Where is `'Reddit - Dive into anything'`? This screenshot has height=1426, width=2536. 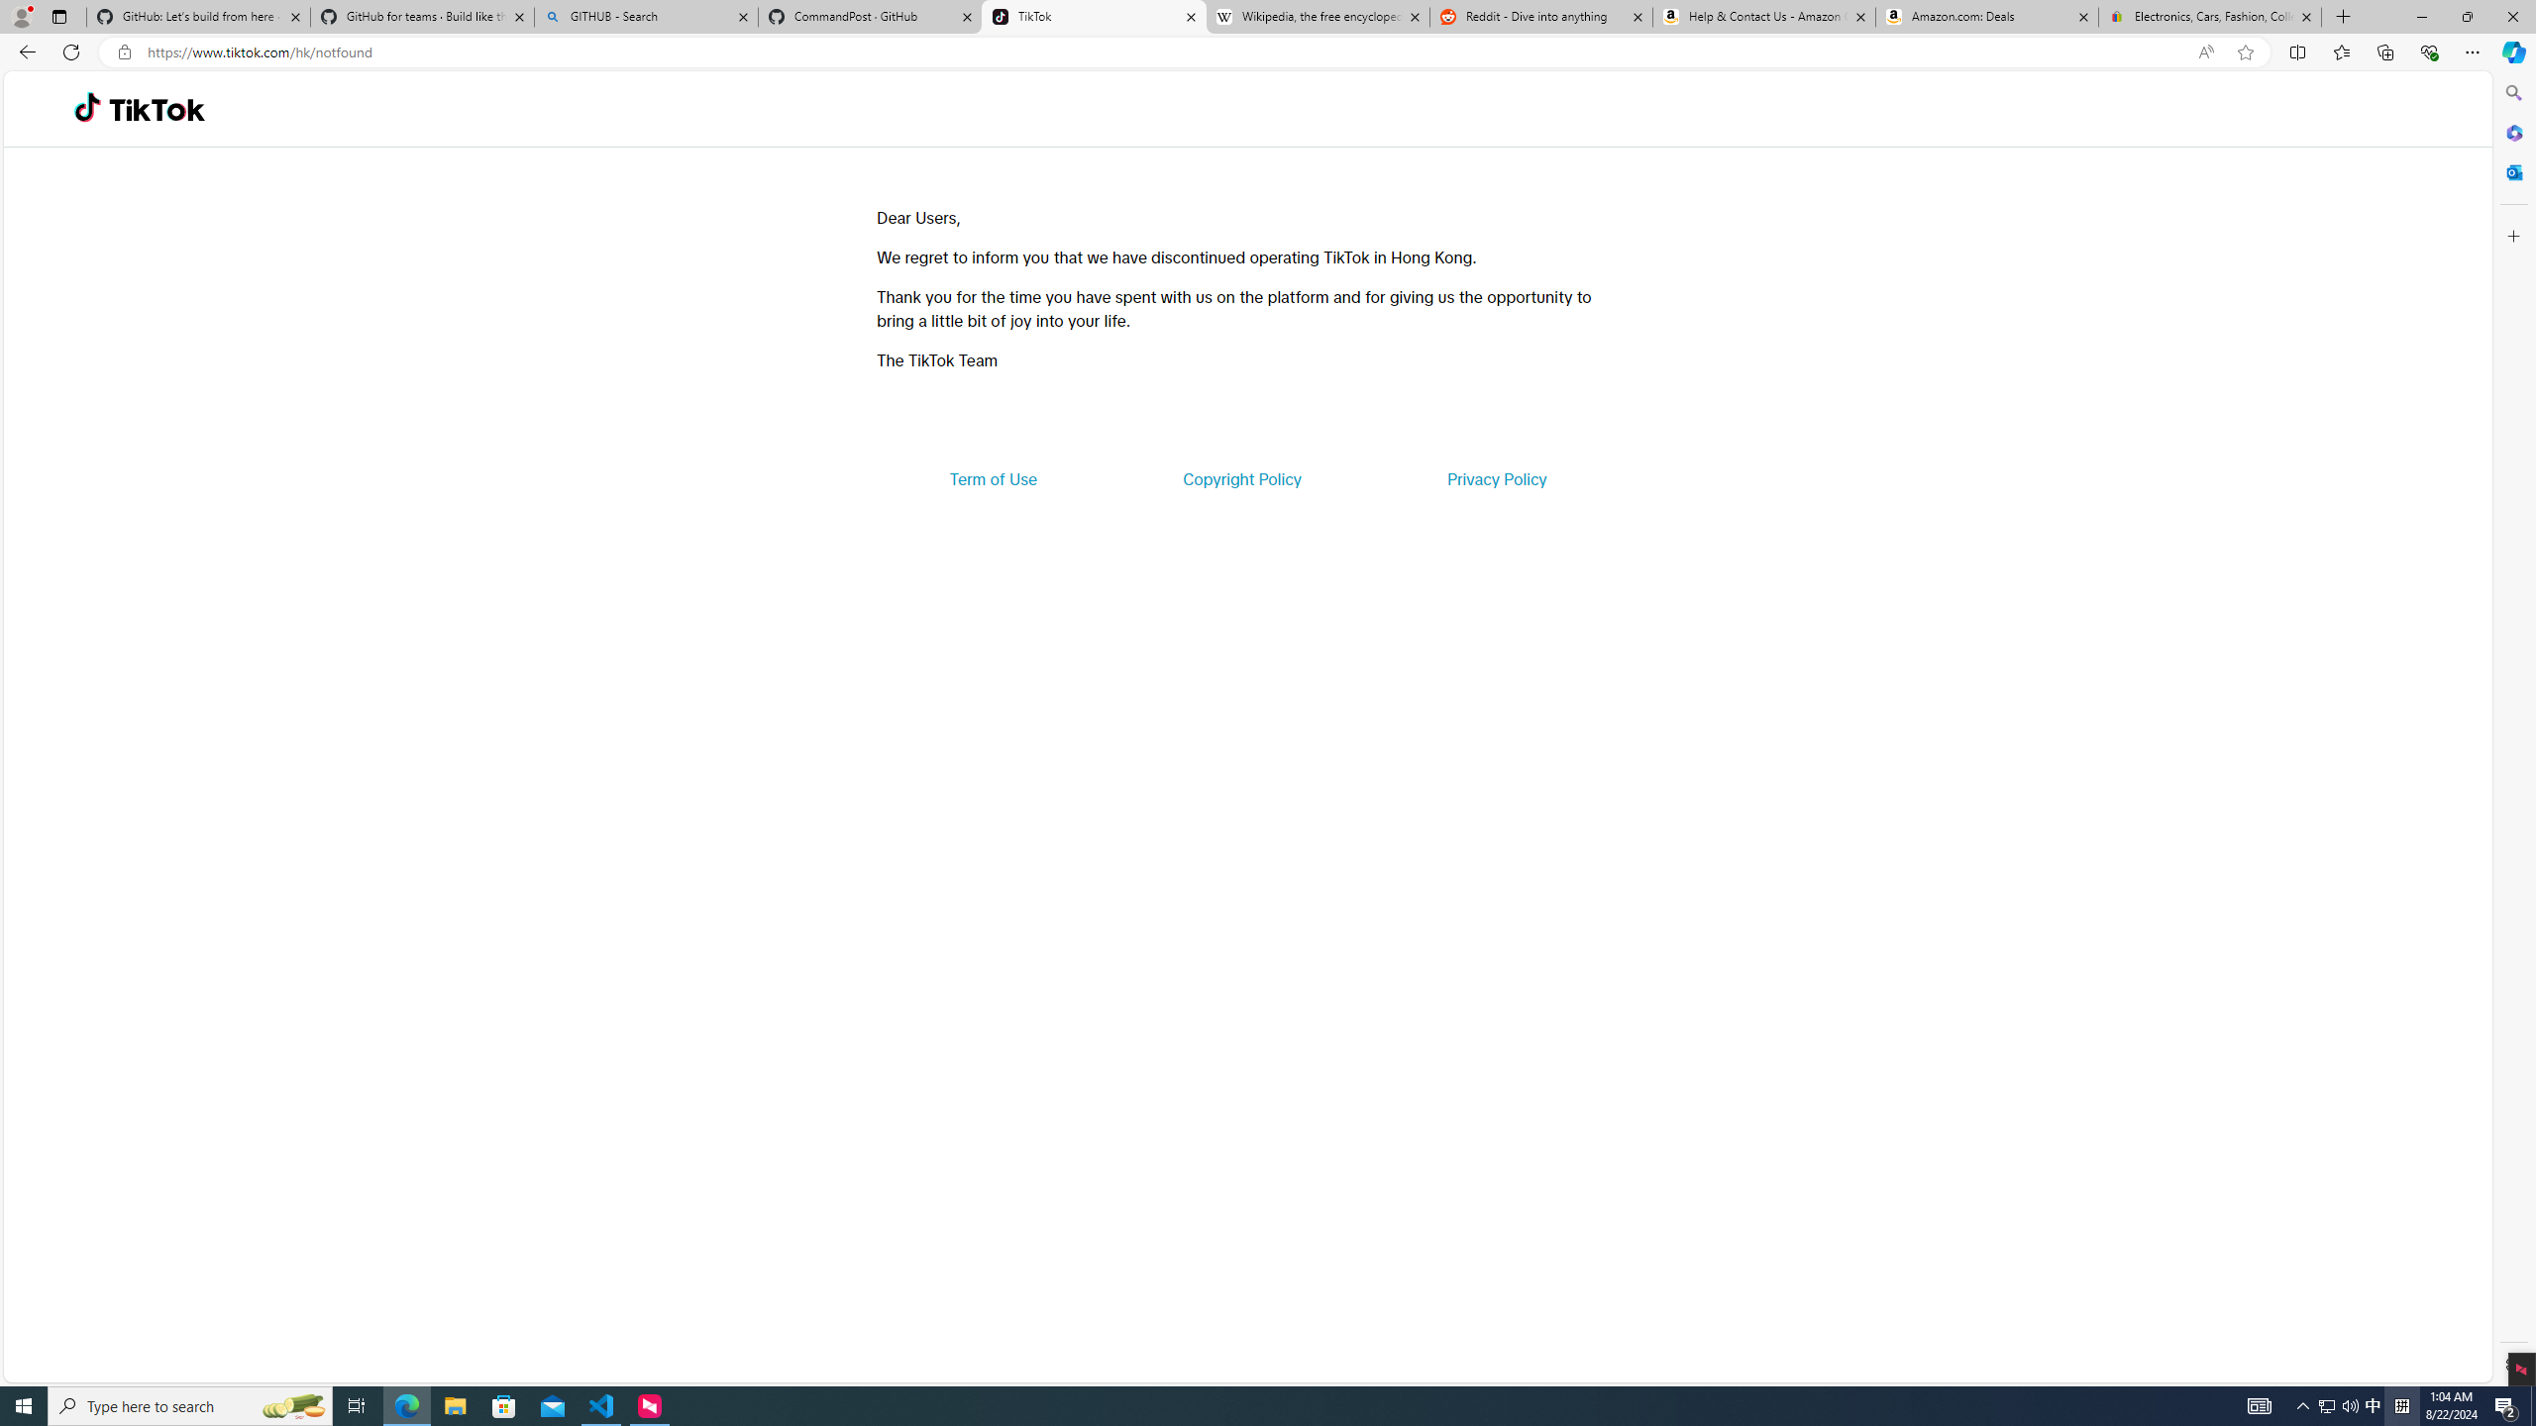 'Reddit - Dive into anything' is located at coordinates (1541, 16).